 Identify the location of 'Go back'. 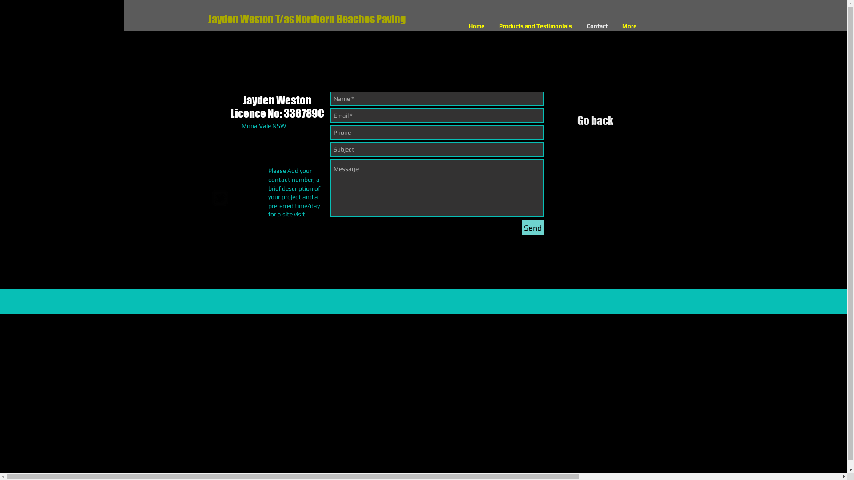
(595, 123).